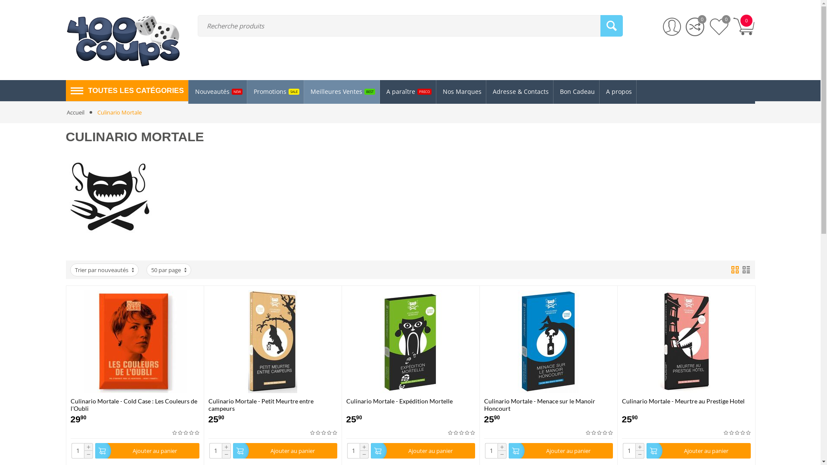 Image resolution: width=827 pixels, height=465 pixels. Describe the element at coordinates (75, 112) in the screenshot. I see `'Accueil'` at that location.